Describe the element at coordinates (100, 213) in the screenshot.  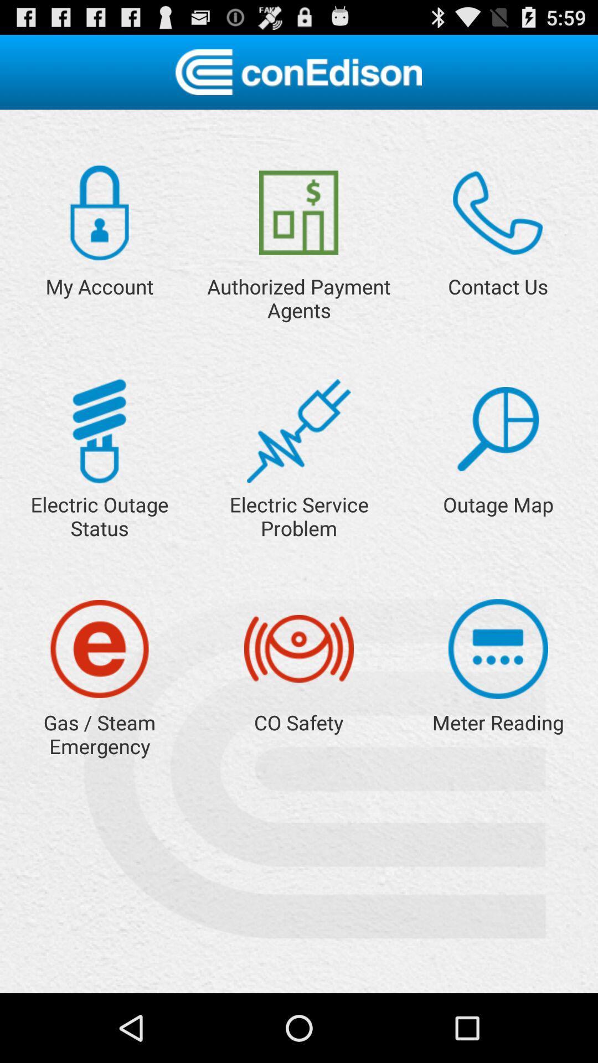
I see `user account` at that location.